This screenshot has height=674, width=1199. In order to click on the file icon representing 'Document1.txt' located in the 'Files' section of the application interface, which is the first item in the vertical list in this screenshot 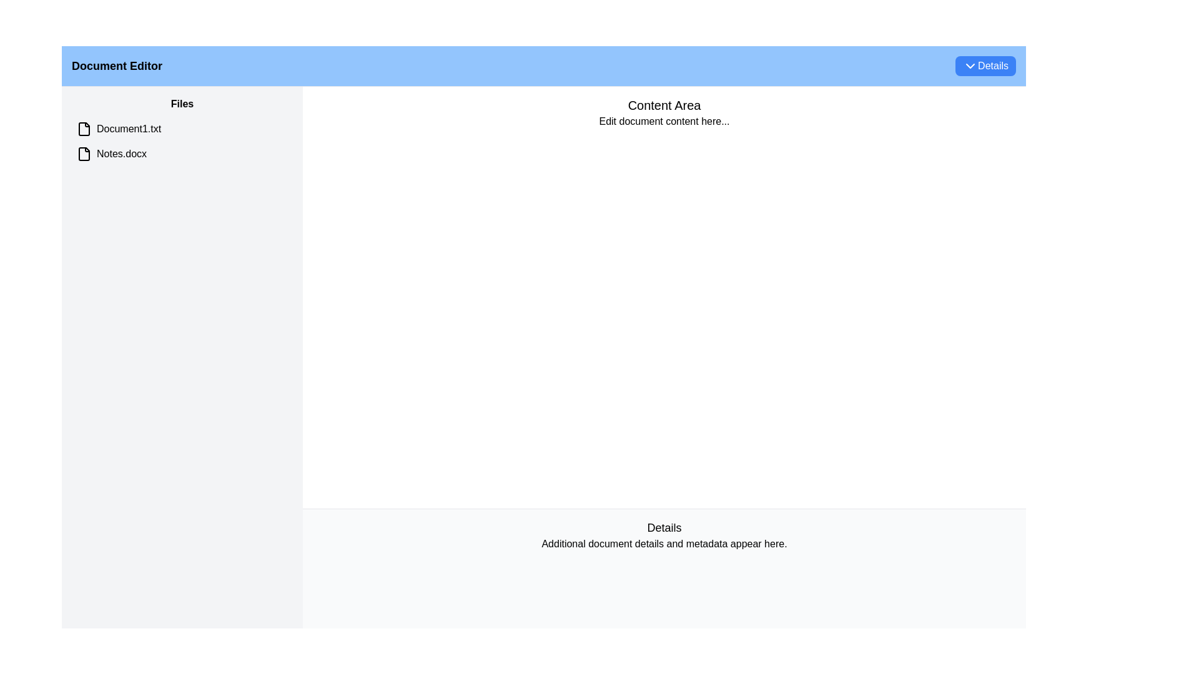, I will do `click(83, 129)`.